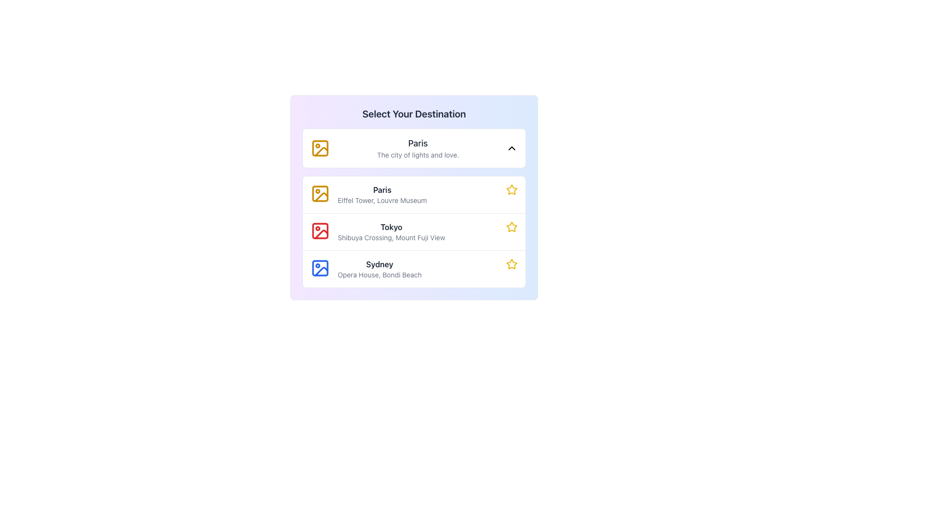 This screenshot has width=929, height=522. Describe the element at coordinates (511, 227) in the screenshot. I see `the star icon with a yellow outline located to the far right of the row for the destination 'Tokyo' to favorite or unfavorite it` at that location.